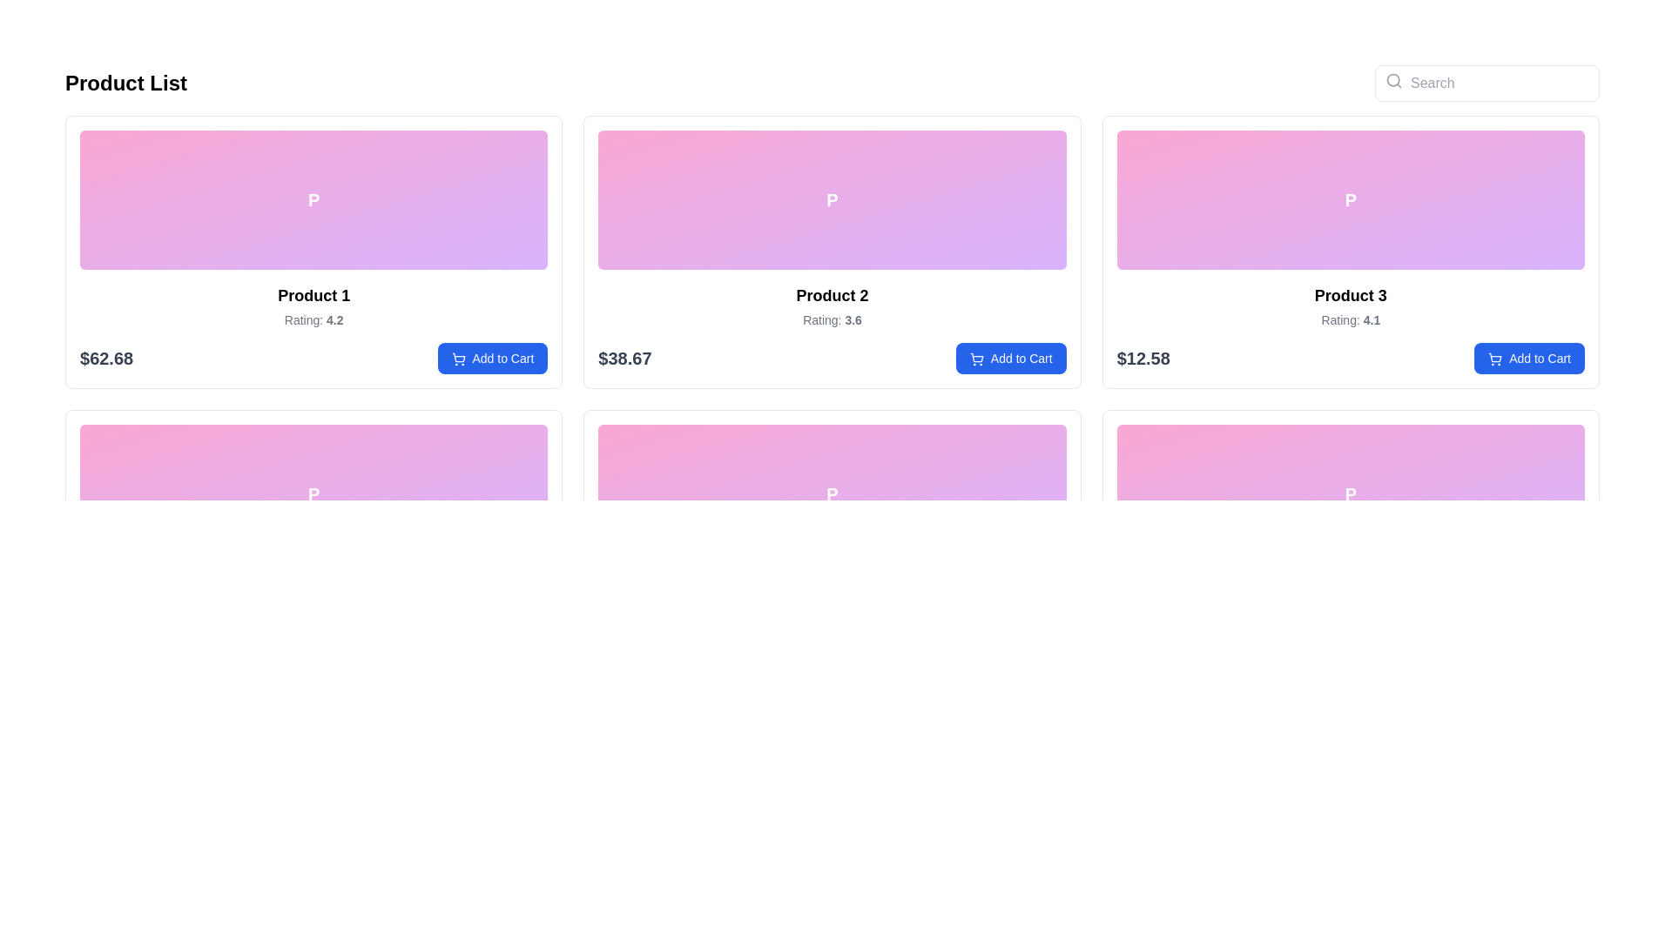 This screenshot has height=940, width=1672. What do you see at coordinates (1528, 358) in the screenshot?
I see `the blue 'Add to Cart' button with rounded corners located in the bottom-right corner of the 'Product 3' section` at bounding box center [1528, 358].